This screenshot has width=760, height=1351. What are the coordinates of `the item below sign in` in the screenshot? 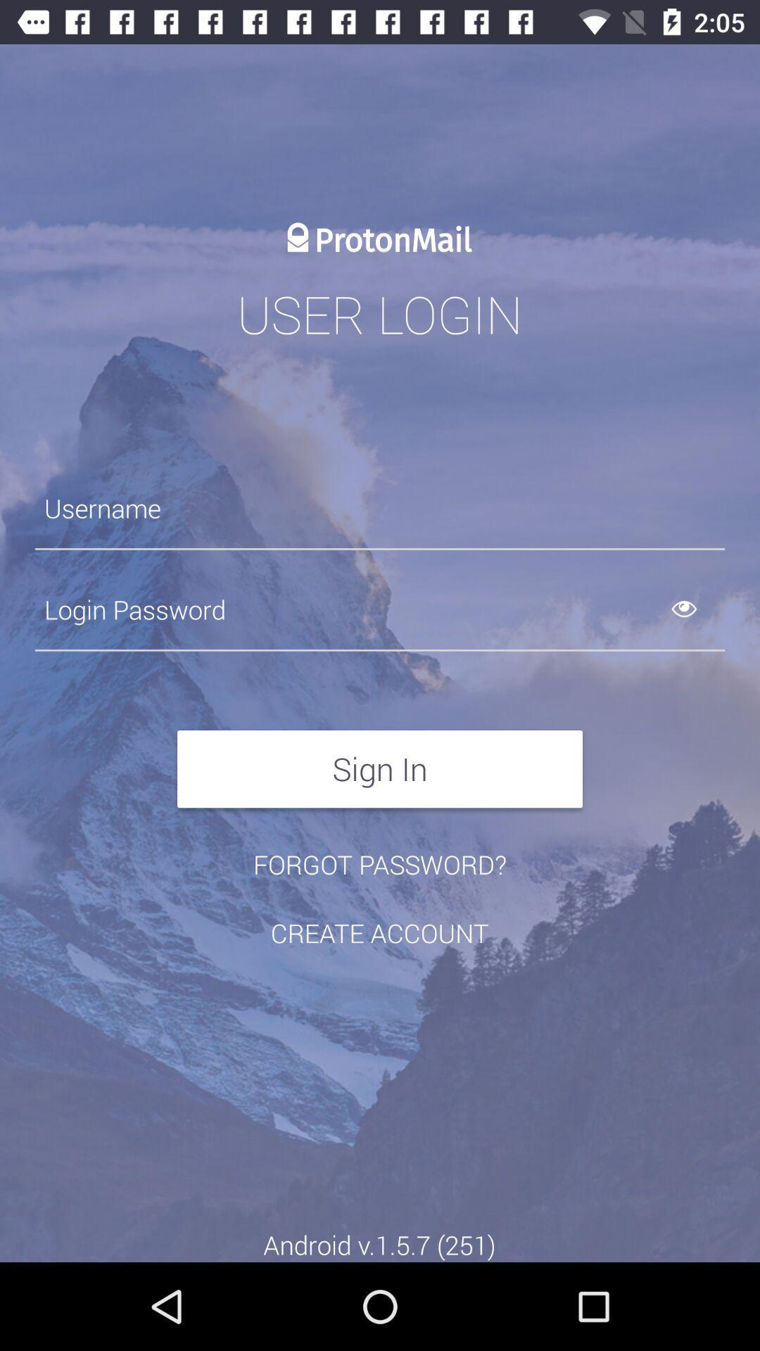 It's located at (380, 863).